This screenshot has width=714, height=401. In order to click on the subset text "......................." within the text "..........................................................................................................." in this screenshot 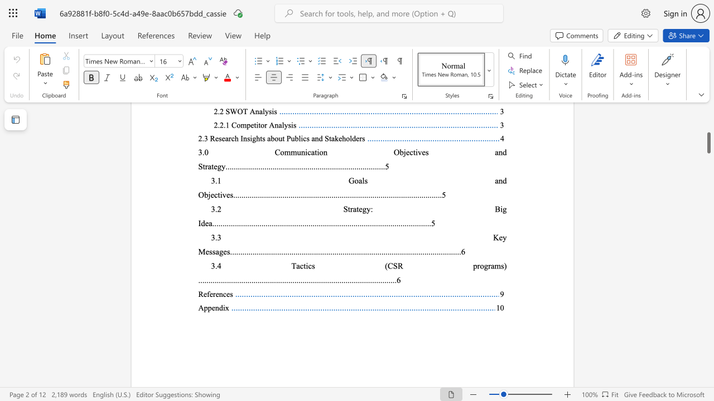, I will do `click(325, 252)`.